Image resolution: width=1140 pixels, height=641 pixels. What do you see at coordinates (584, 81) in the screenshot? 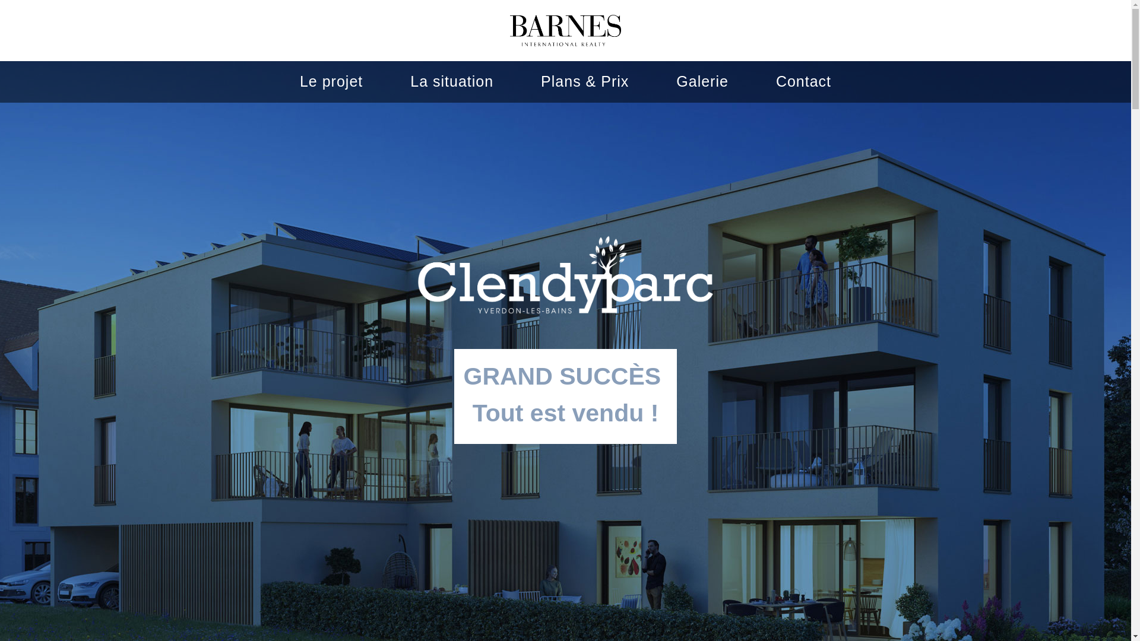
I see `'Plans & Prix'` at bounding box center [584, 81].